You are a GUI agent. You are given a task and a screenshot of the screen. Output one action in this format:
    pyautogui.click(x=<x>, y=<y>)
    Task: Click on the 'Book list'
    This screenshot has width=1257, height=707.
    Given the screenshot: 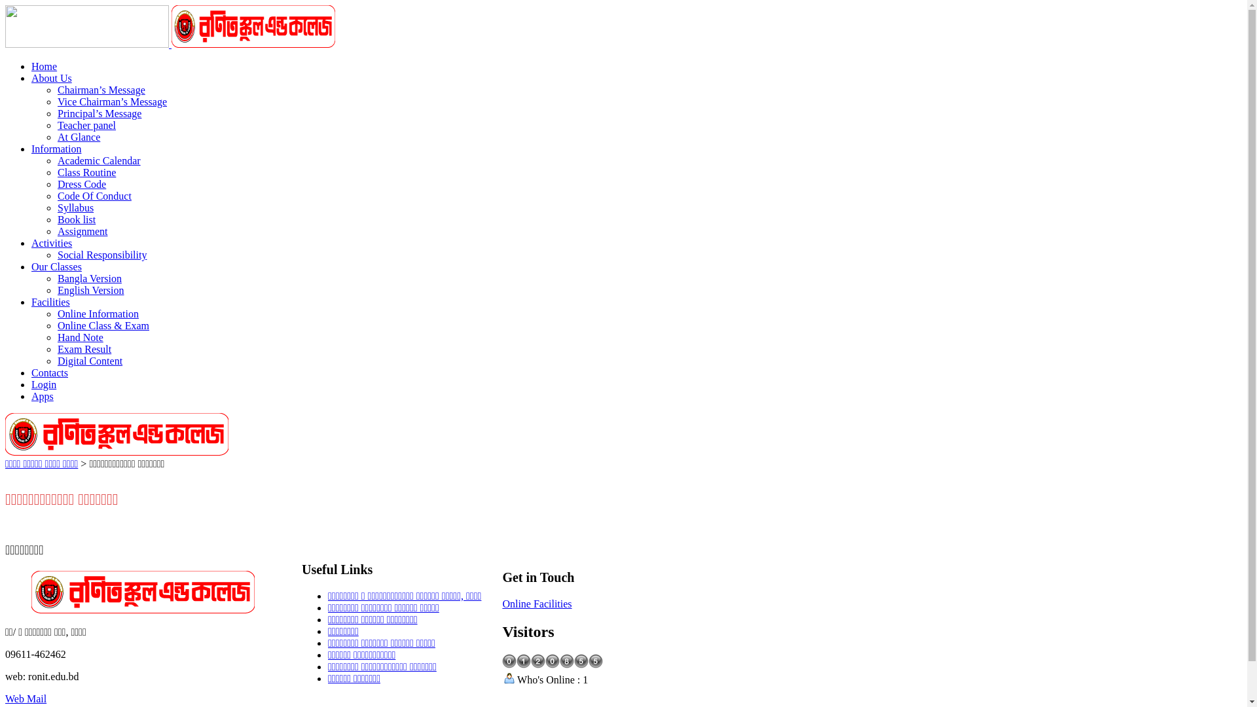 What is the action you would take?
    pyautogui.click(x=75, y=219)
    